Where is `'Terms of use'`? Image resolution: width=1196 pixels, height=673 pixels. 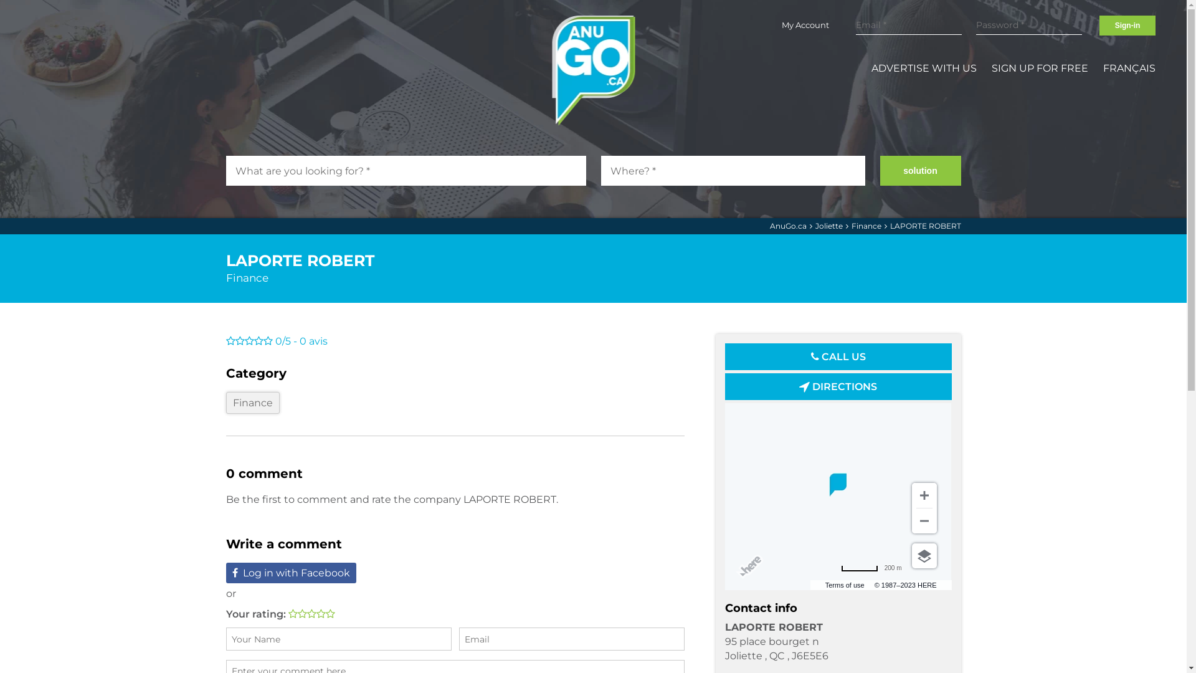 'Terms of use' is located at coordinates (845, 585).